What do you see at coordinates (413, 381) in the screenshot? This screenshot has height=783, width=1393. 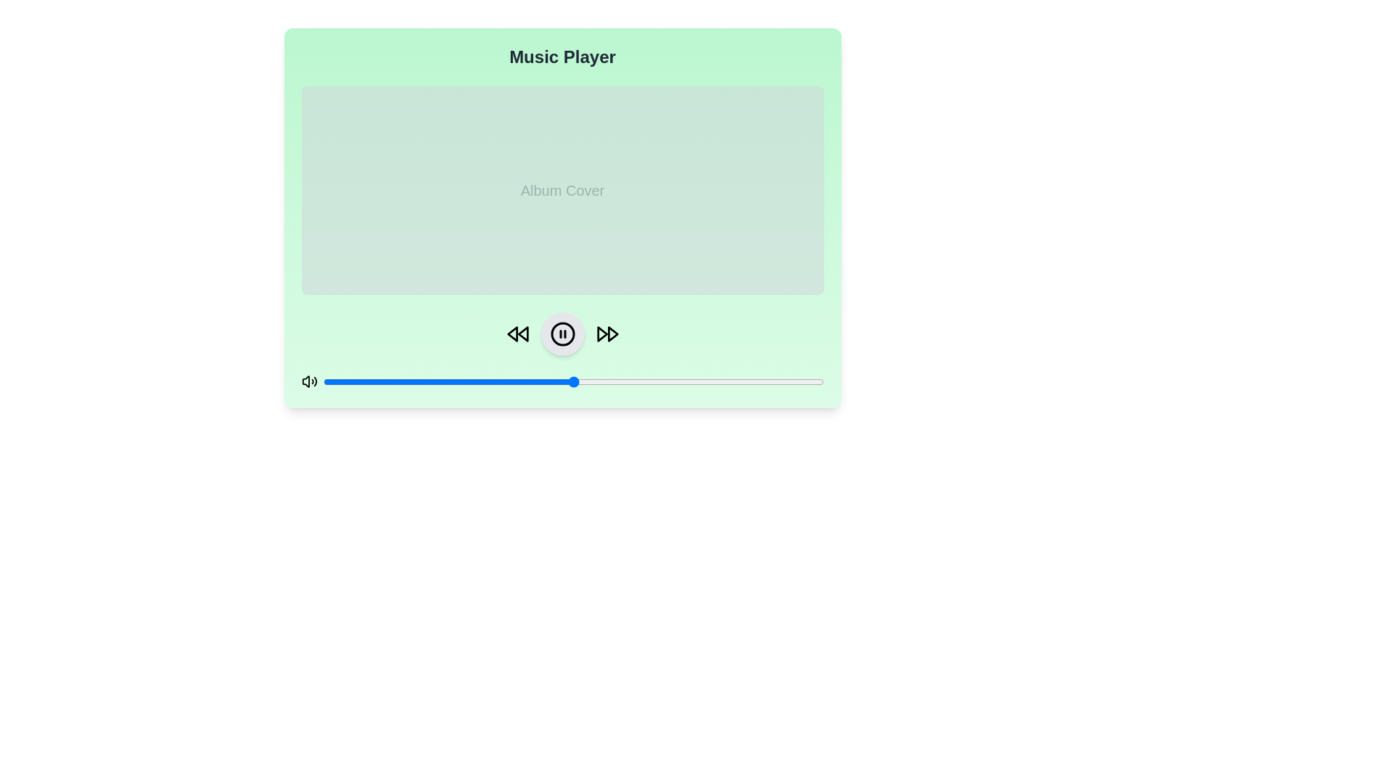 I see `volume level` at bounding box center [413, 381].